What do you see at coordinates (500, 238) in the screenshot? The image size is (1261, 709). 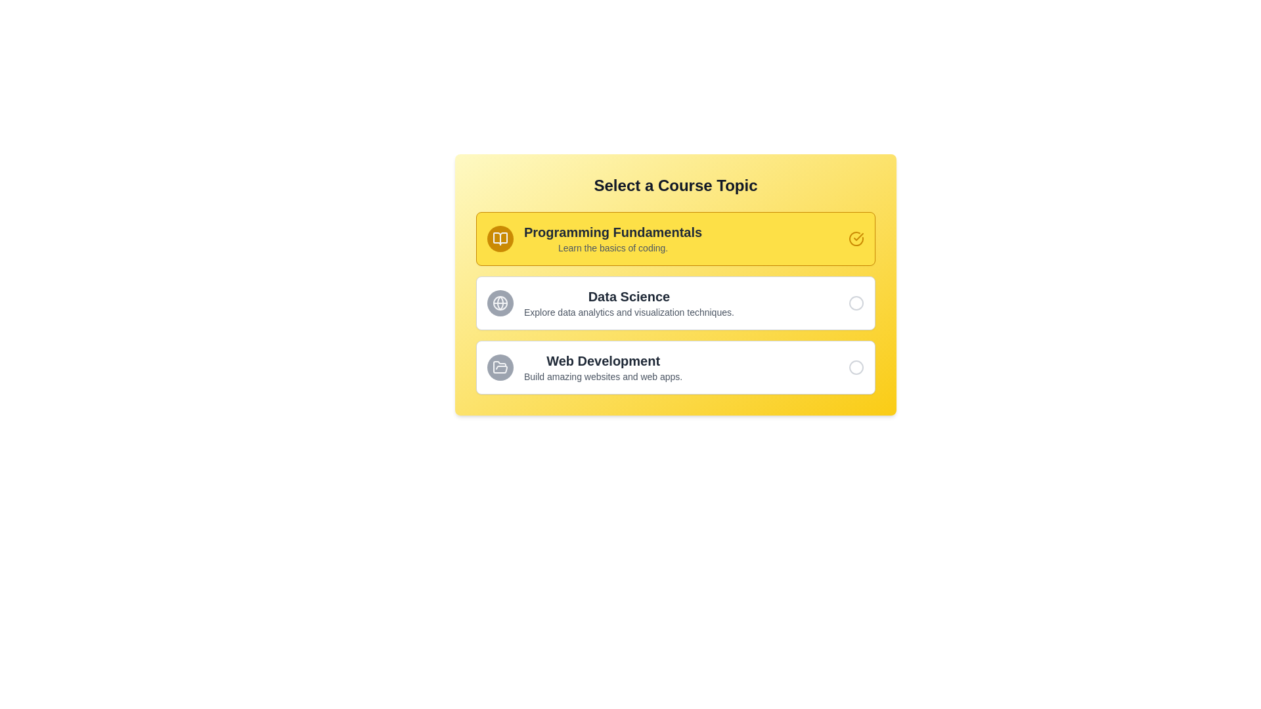 I see `the 'Programming Fundamentals' course option icon located in the left section, which serves as an easily identifiable icon for users` at bounding box center [500, 238].